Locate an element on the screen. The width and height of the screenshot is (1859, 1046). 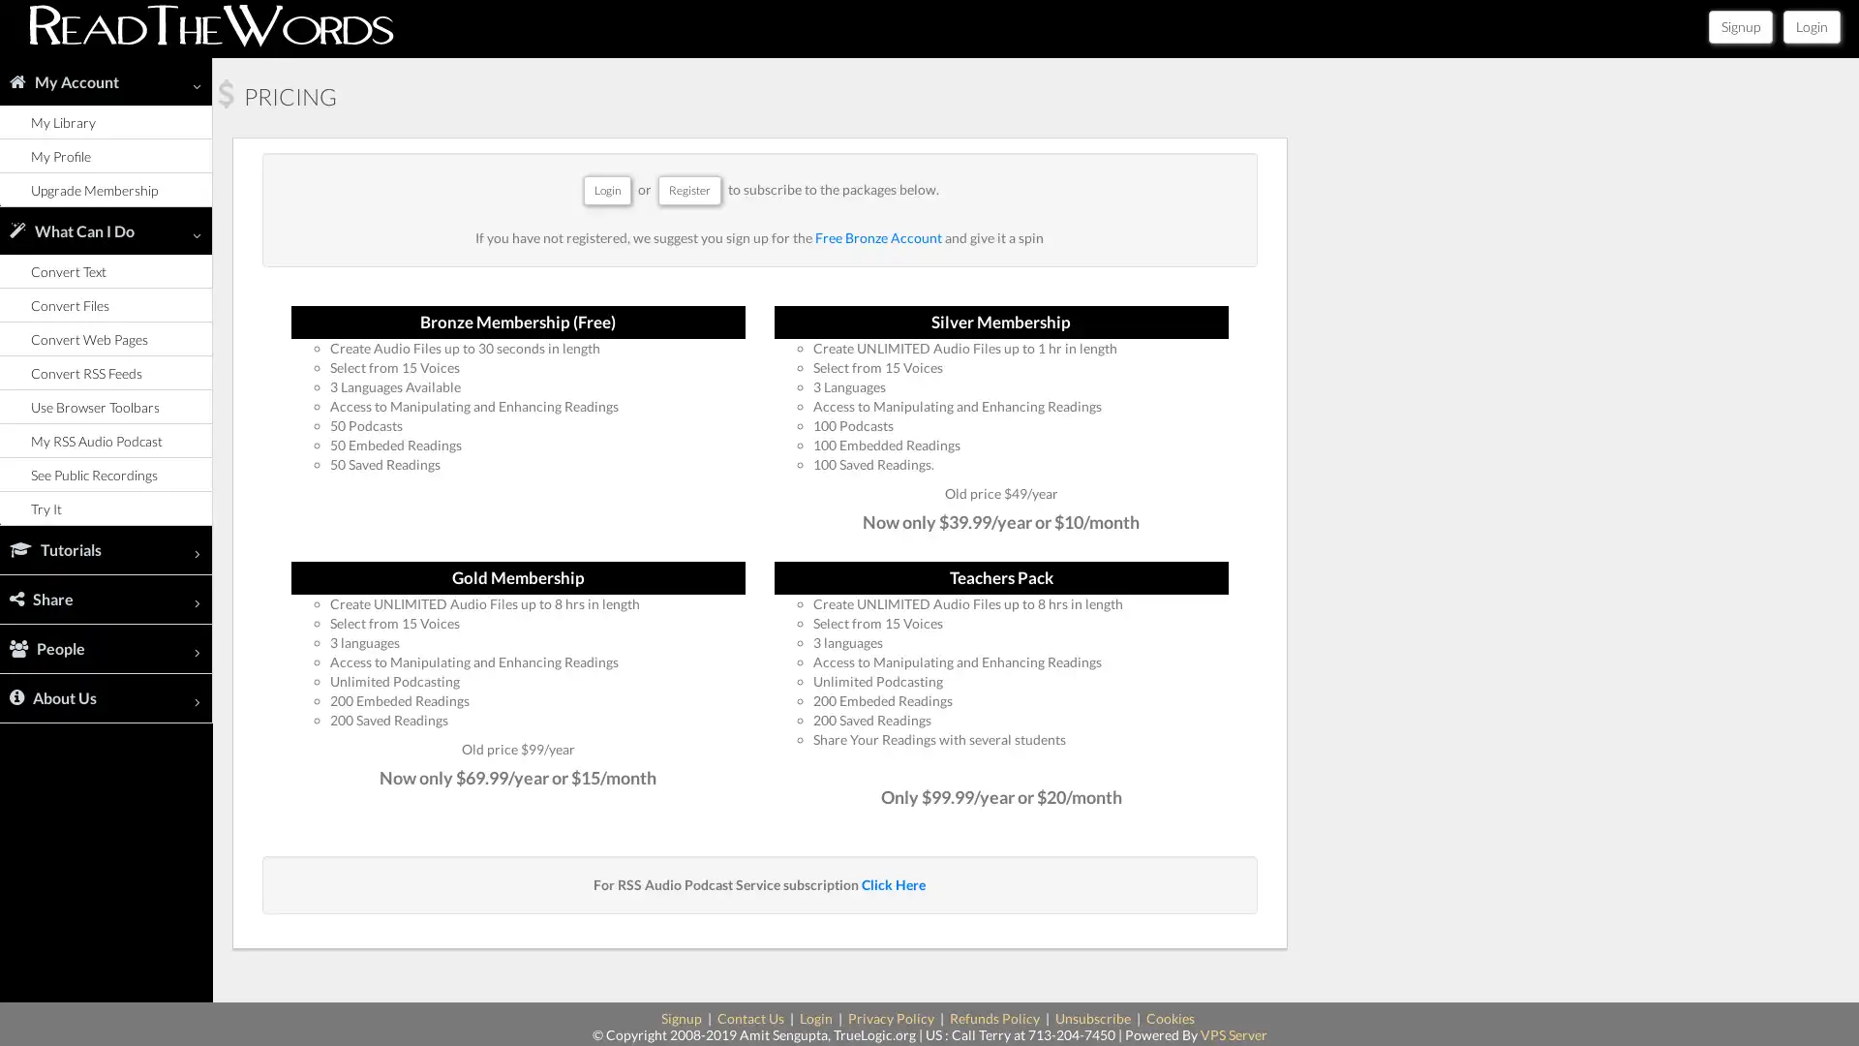
Login is located at coordinates (1811, 26).